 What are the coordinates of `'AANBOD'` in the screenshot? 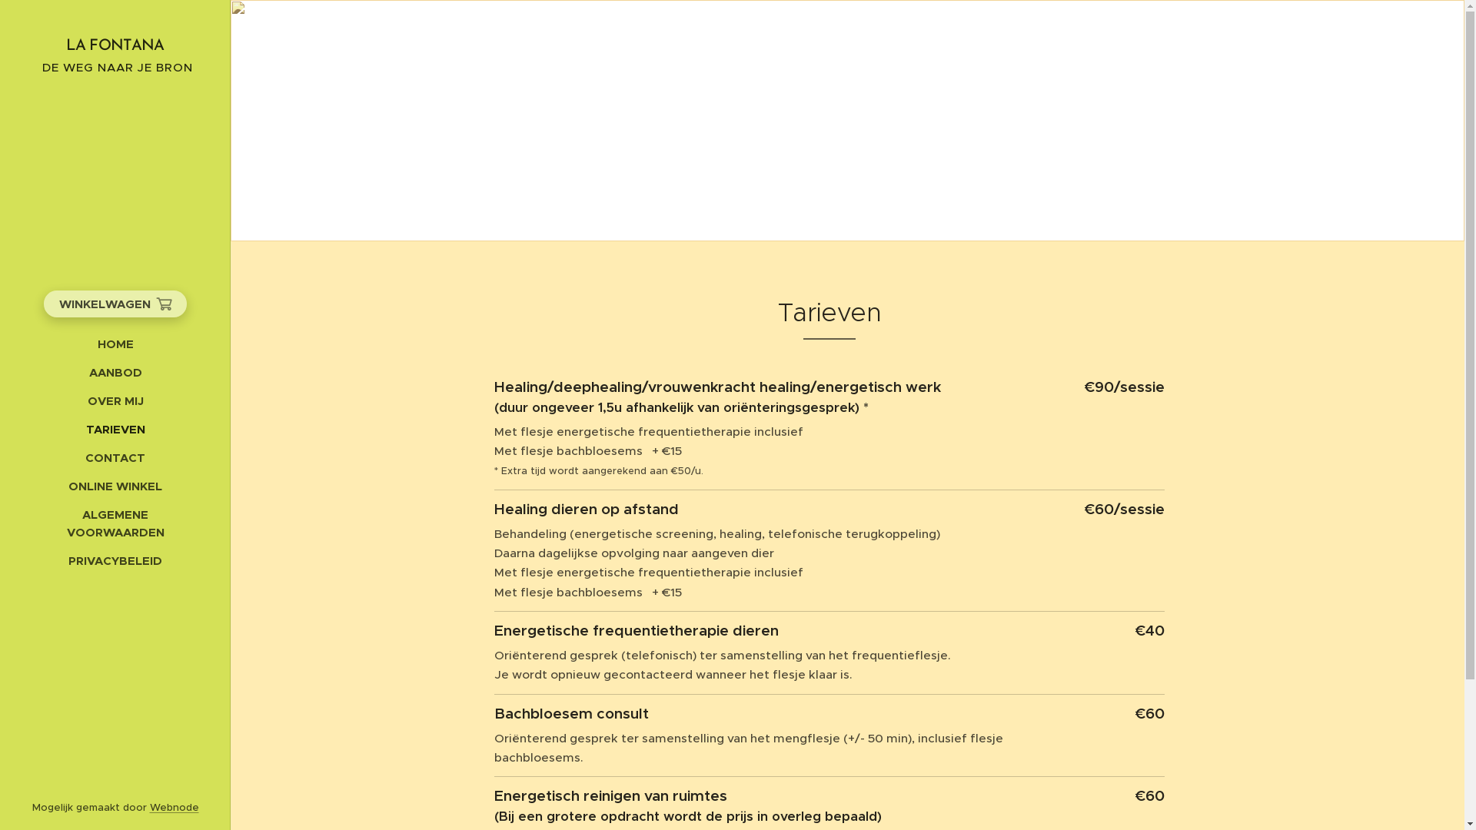 It's located at (114, 372).